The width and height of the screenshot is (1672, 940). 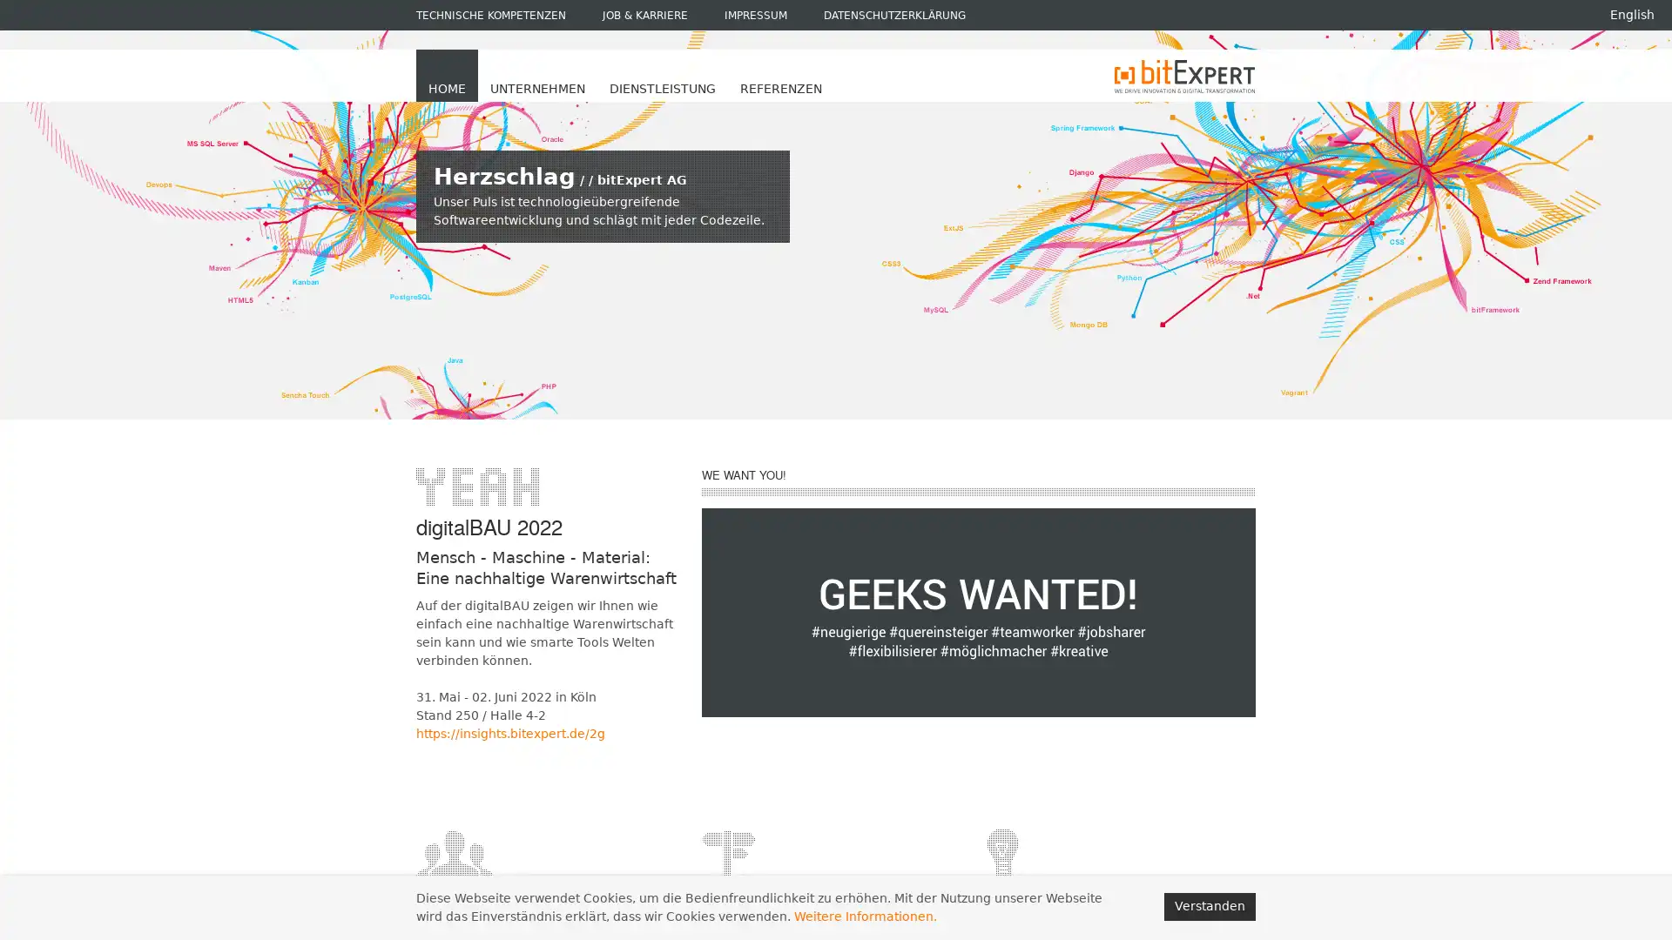 What do you see at coordinates (1208, 905) in the screenshot?
I see `Verstanden` at bounding box center [1208, 905].